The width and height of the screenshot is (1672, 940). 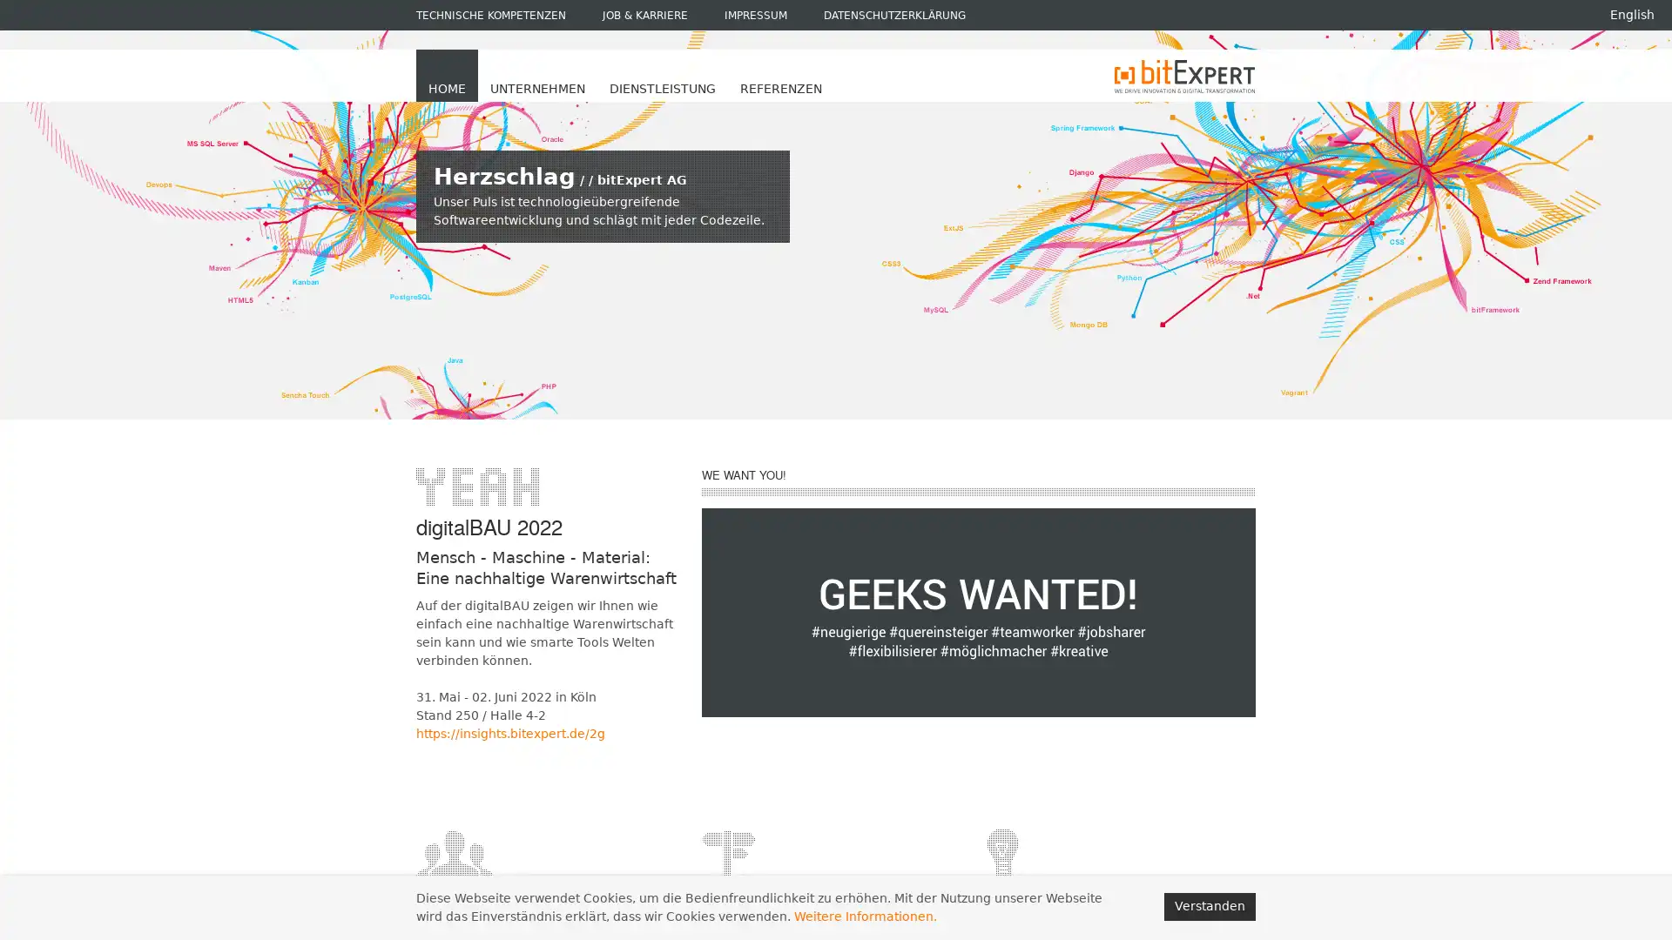 What do you see at coordinates (1208, 905) in the screenshot?
I see `Verstanden` at bounding box center [1208, 905].